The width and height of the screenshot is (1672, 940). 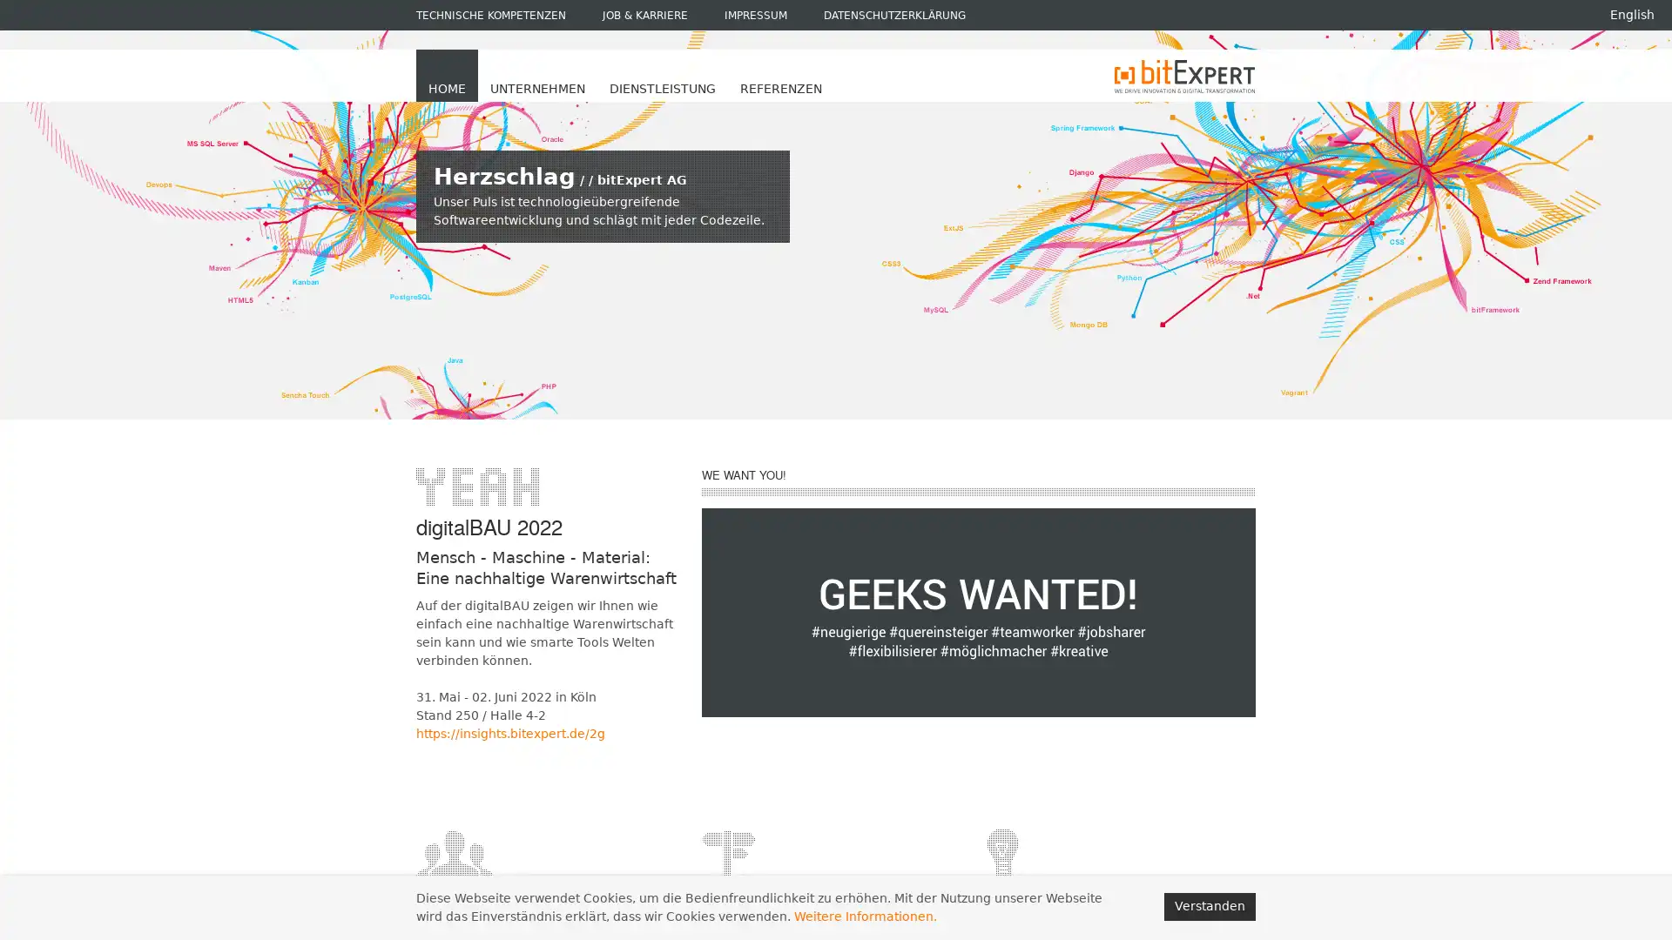 What do you see at coordinates (1208, 905) in the screenshot?
I see `Verstanden` at bounding box center [1208, 905].